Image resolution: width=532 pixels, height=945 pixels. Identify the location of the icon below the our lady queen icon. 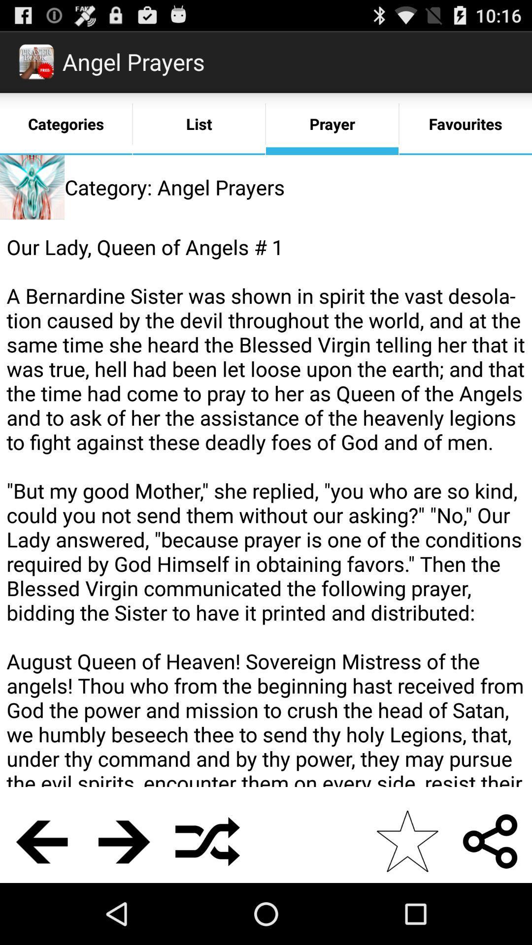
(124, 841).